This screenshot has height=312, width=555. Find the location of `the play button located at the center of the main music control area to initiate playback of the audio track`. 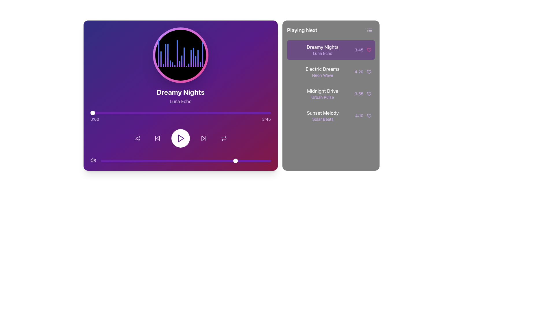

the play button located at the center of the main music control area to initiate playback of the audio track is located at coordinates (180, 138).